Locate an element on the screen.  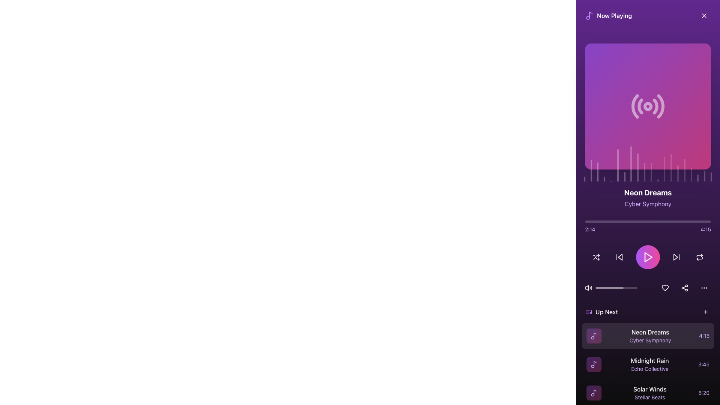
the play button is located at coordinates (648, 257).